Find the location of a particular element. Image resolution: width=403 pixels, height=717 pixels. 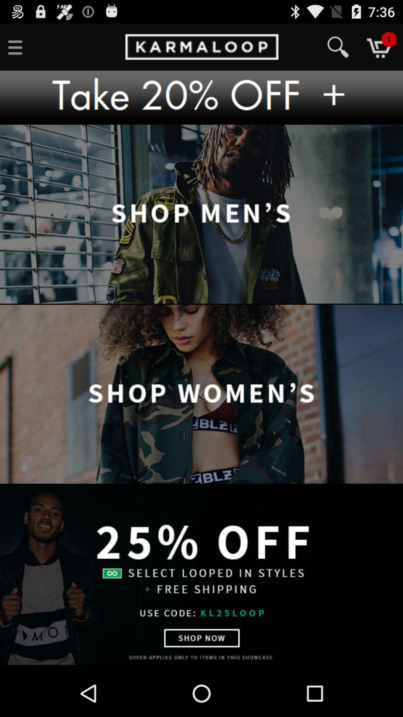

discount banner is located at coordinates (201, 97).